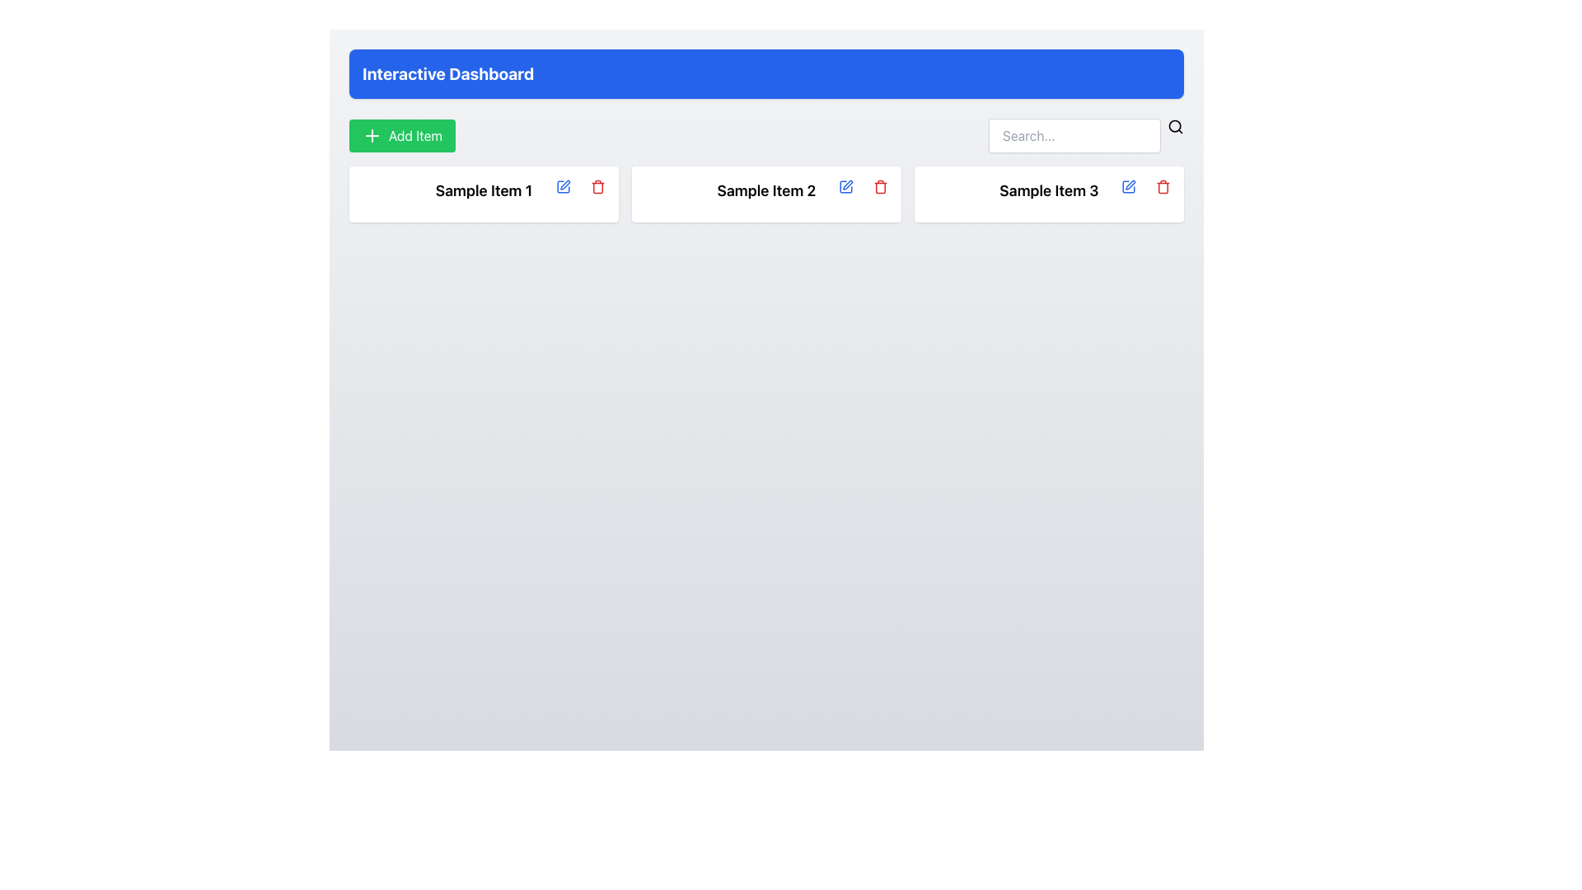  Describe the element at coordinates (597, 186) in the screenshot. I see `the red trash can icon button located at the top-right of the 'Sample Item 1' card` at that location.